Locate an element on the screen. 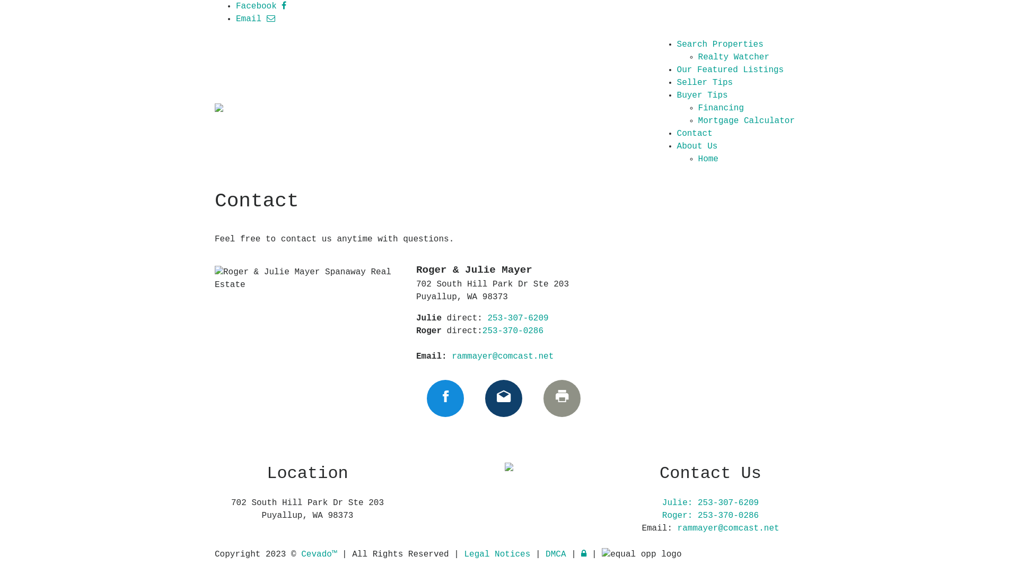  '253-370-0286' is located at coordinates (482, 331).